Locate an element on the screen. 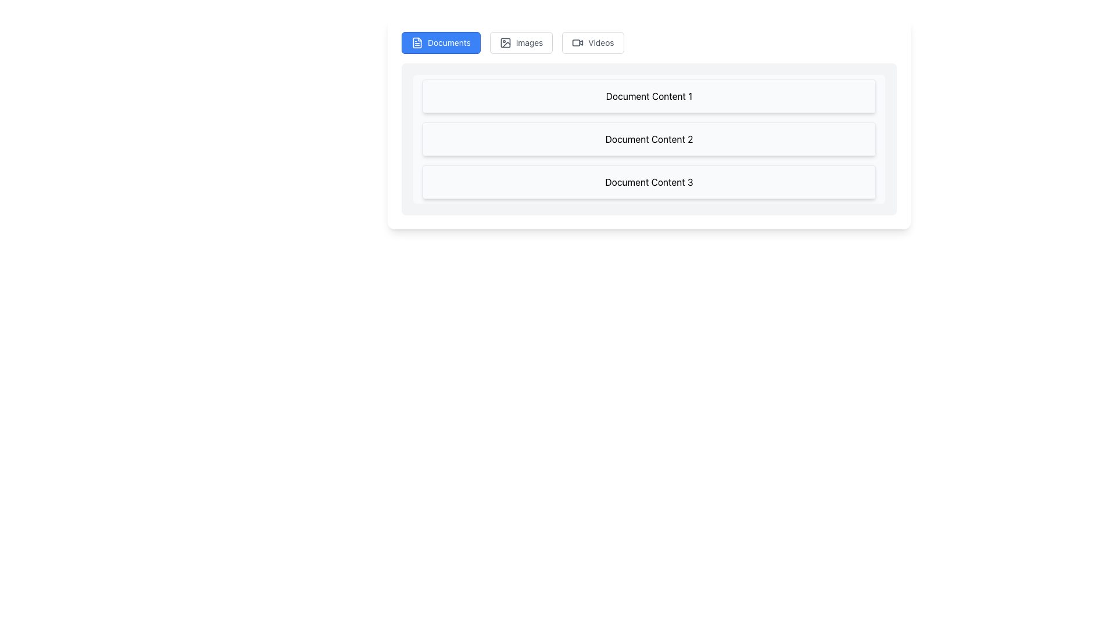  the 'Images' text label within the toolbar is located at coordinates (529, 42).